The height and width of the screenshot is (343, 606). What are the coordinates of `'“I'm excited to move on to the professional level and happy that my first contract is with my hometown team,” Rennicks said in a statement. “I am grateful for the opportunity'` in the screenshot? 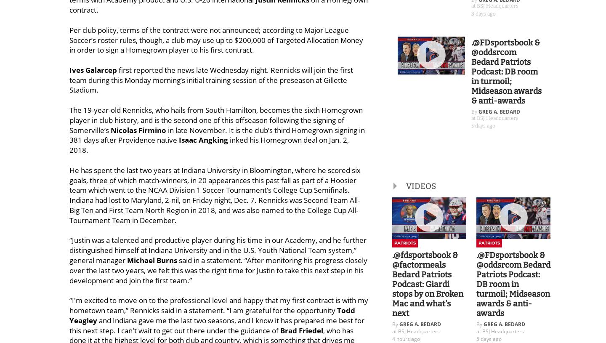 It's located at (218, 305).